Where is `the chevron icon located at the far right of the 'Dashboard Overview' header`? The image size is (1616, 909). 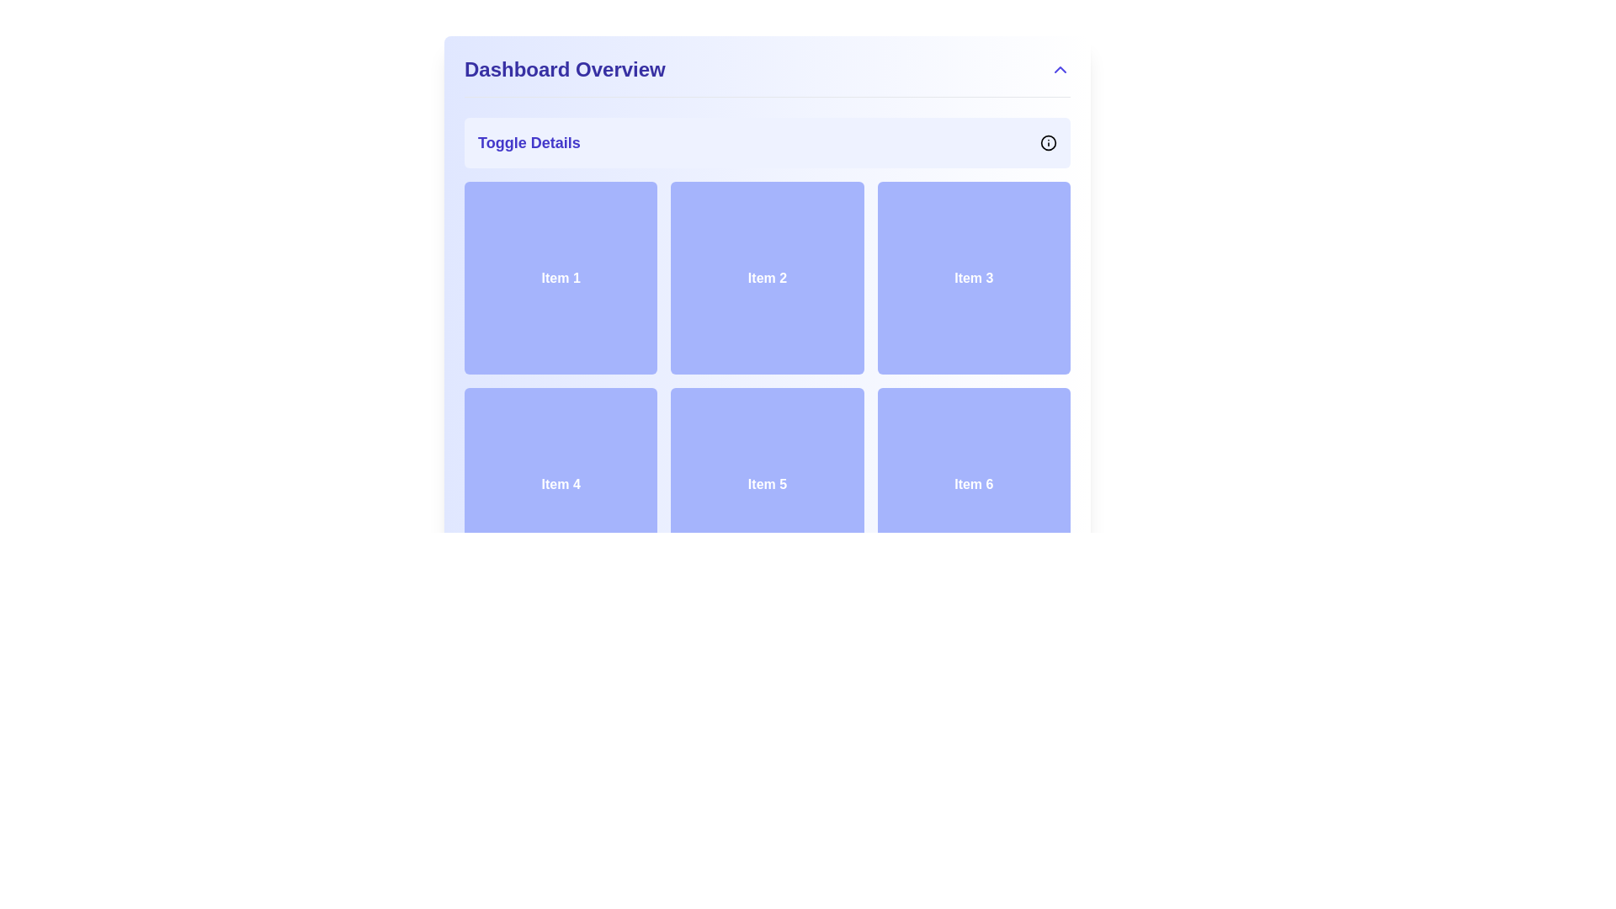
the chevron icon located at the far right of the 'Dashboard Overview' header is located at coordinates (1059, 69).